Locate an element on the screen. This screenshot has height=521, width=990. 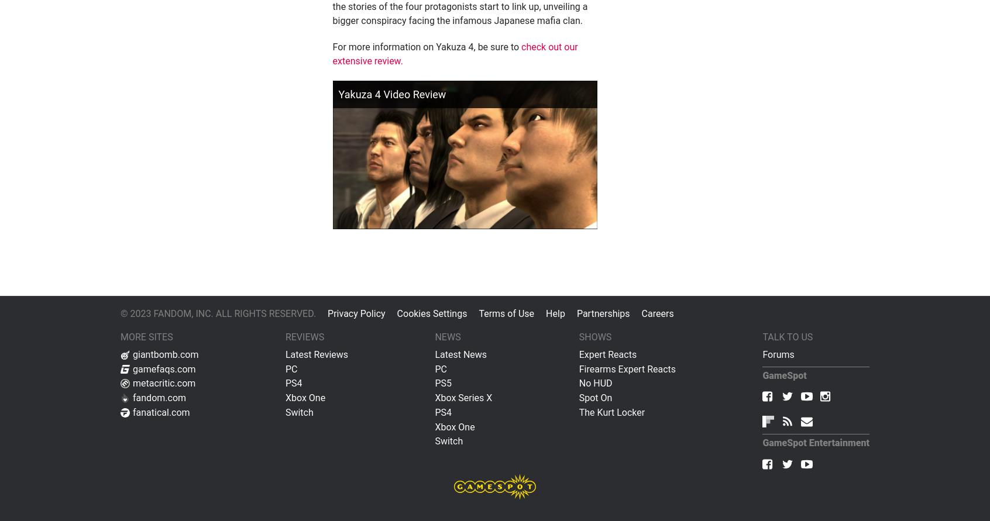
'No HUD' is located at coordinates (594, 382).